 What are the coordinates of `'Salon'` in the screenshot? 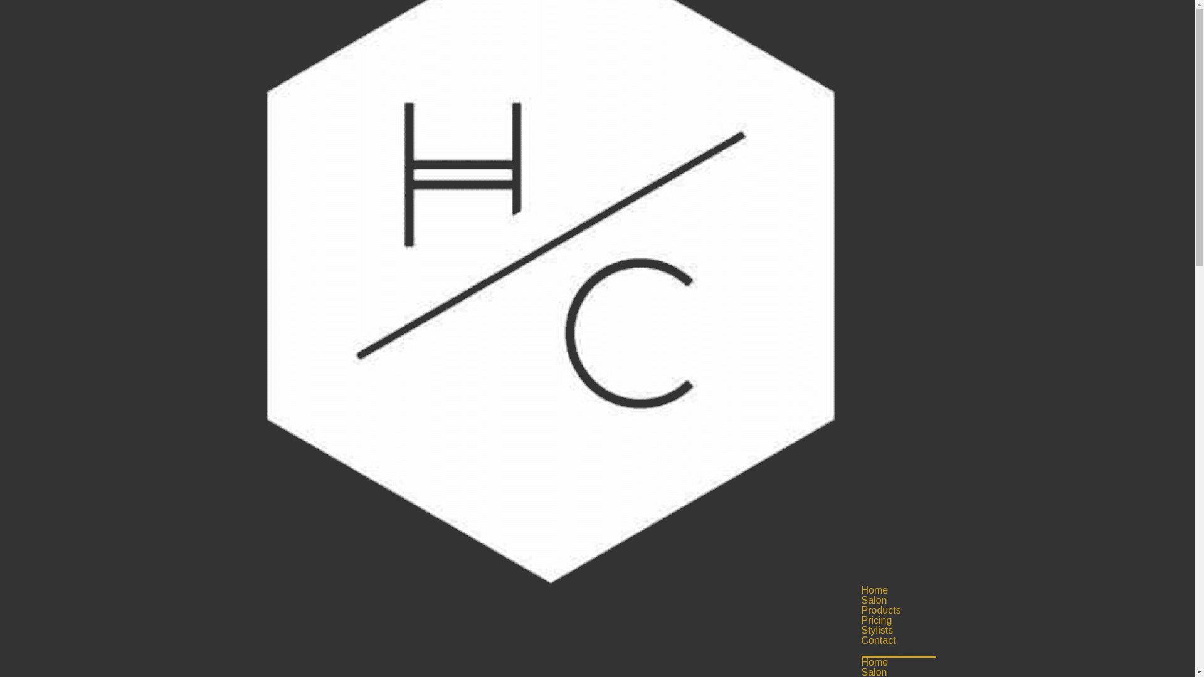 It's located at (860, 599).